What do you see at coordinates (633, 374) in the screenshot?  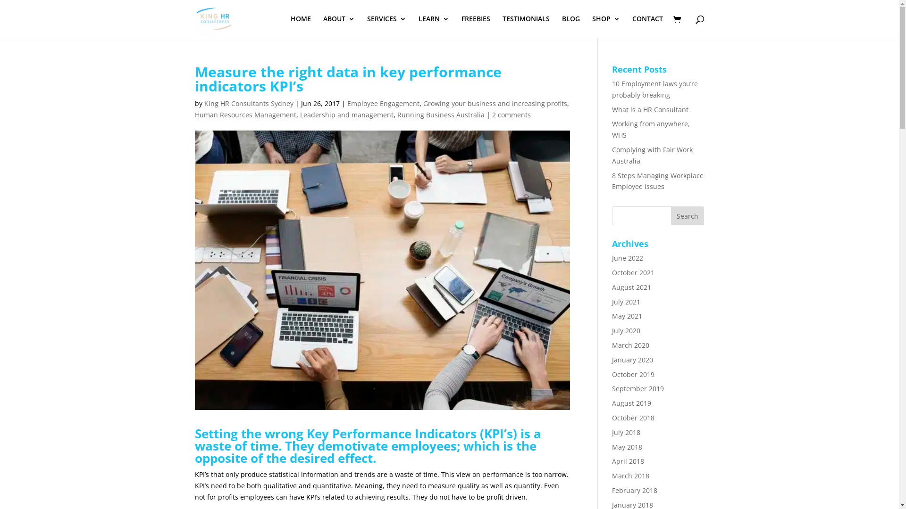 I see `'October 2019'` at bounding box center [633, 374].